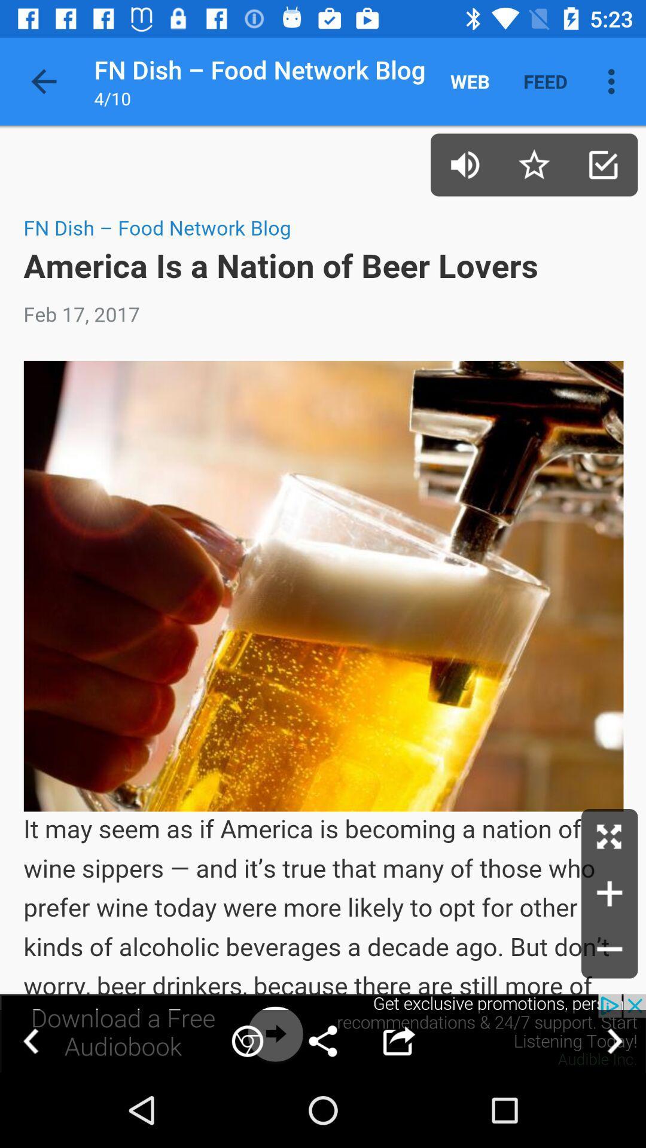 Image resolution: width=646 pixels, height=1148 pixels. Describe the element at coordinates (534, 164) in the screenshot. I see `favorite` at that location.